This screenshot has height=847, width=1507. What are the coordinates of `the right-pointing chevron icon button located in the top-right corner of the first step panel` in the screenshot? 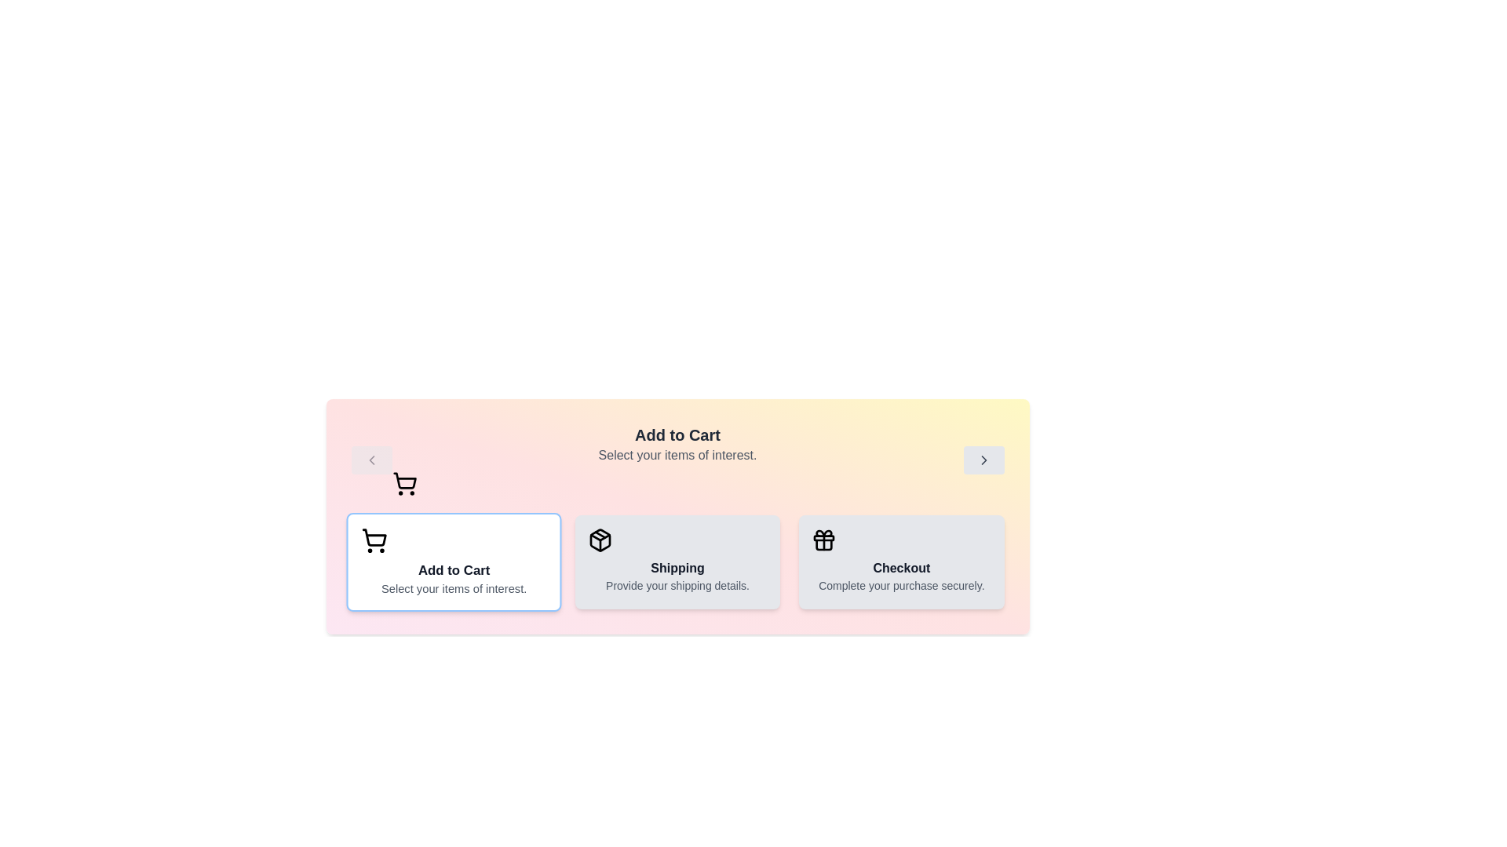 It's located at (983, 459).